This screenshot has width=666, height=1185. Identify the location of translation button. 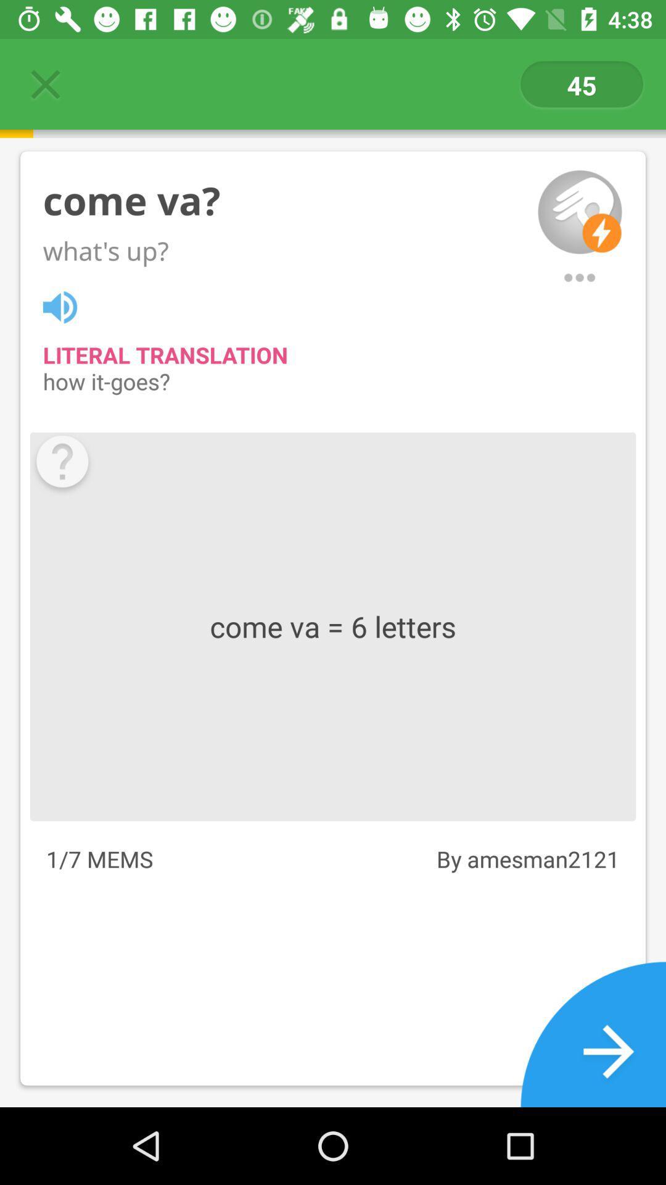
(67, 306).